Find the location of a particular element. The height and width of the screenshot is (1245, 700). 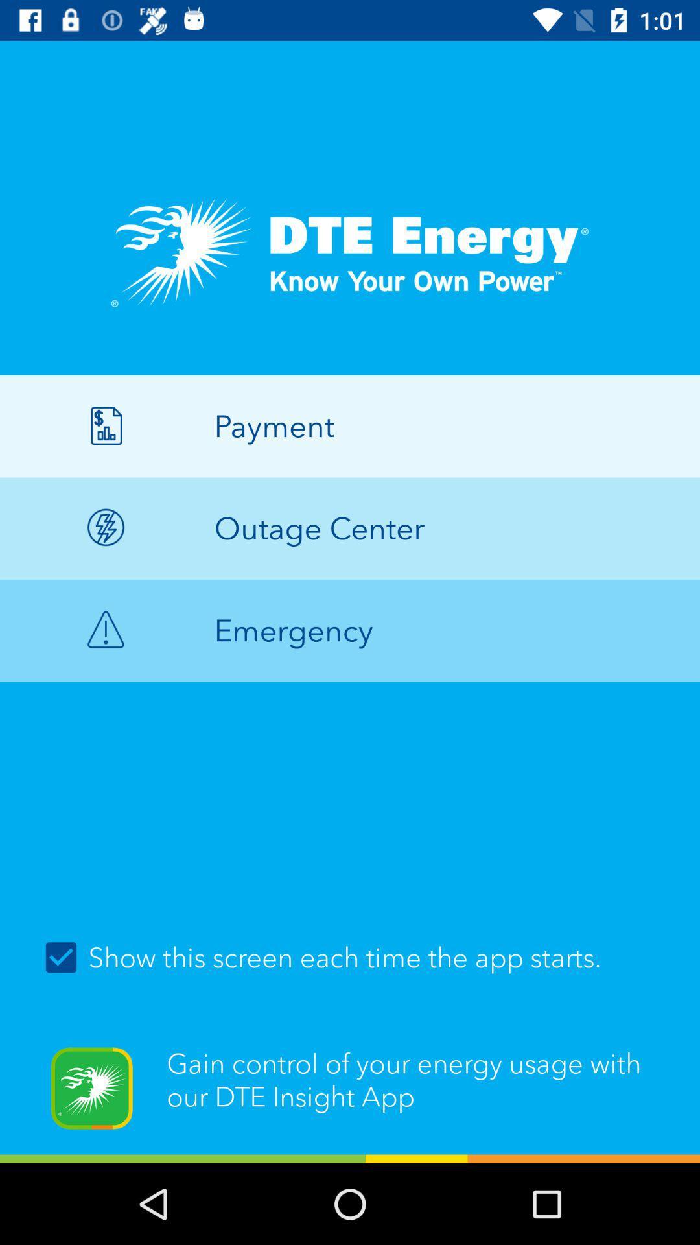

item above gain control of is located at coordinates (350, 958).